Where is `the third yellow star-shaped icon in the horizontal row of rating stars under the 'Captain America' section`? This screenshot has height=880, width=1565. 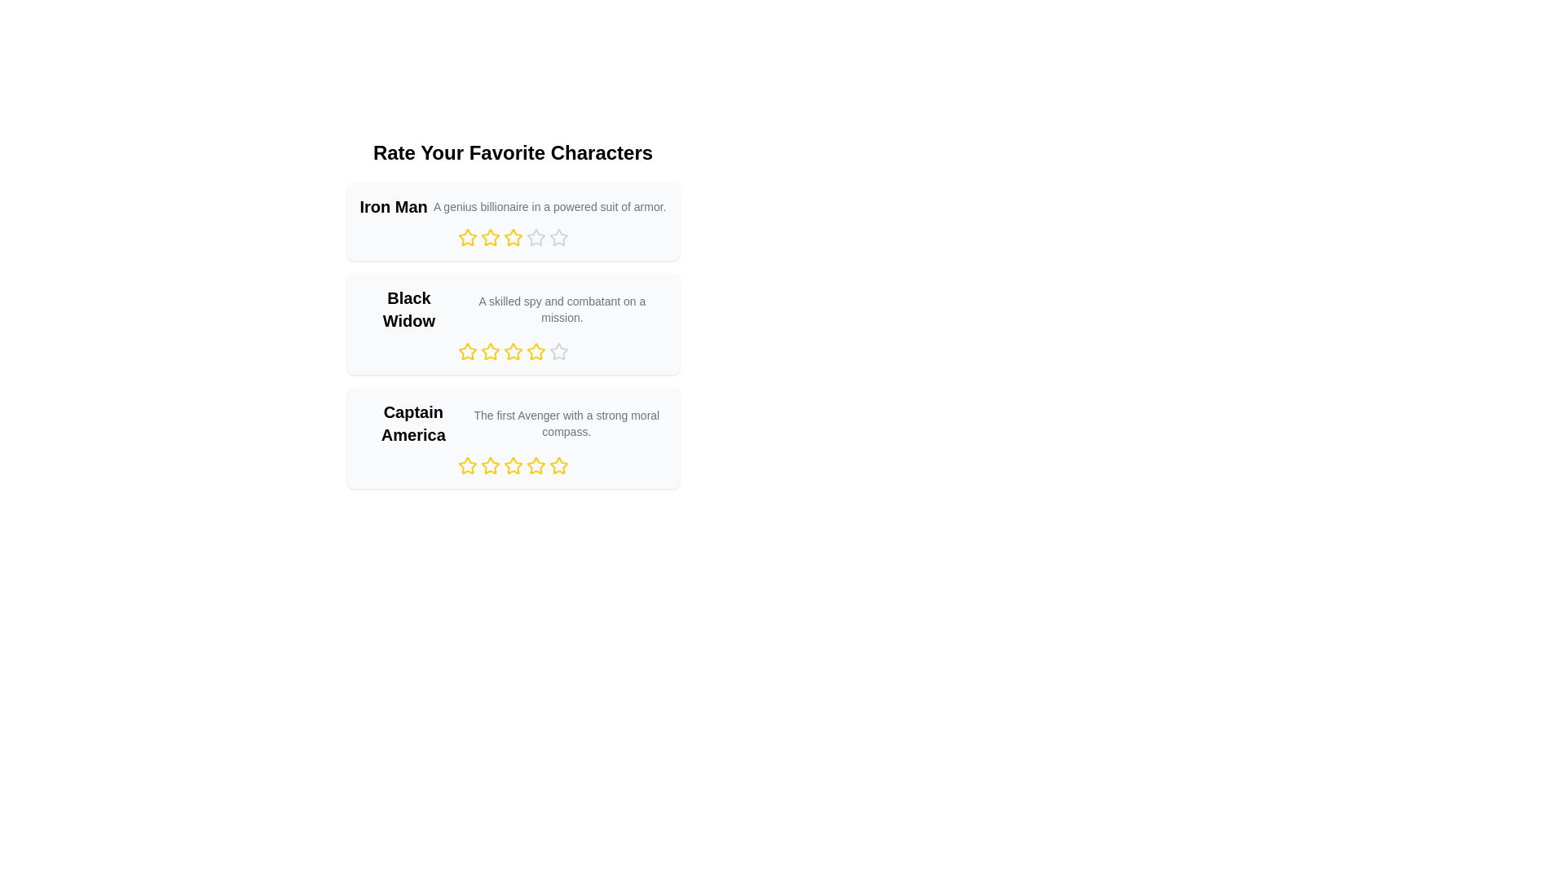 the third yellow star-shaped icon in the horizontal row of rating stars under the 'Captain America' section is located at coordinates (512, 465).